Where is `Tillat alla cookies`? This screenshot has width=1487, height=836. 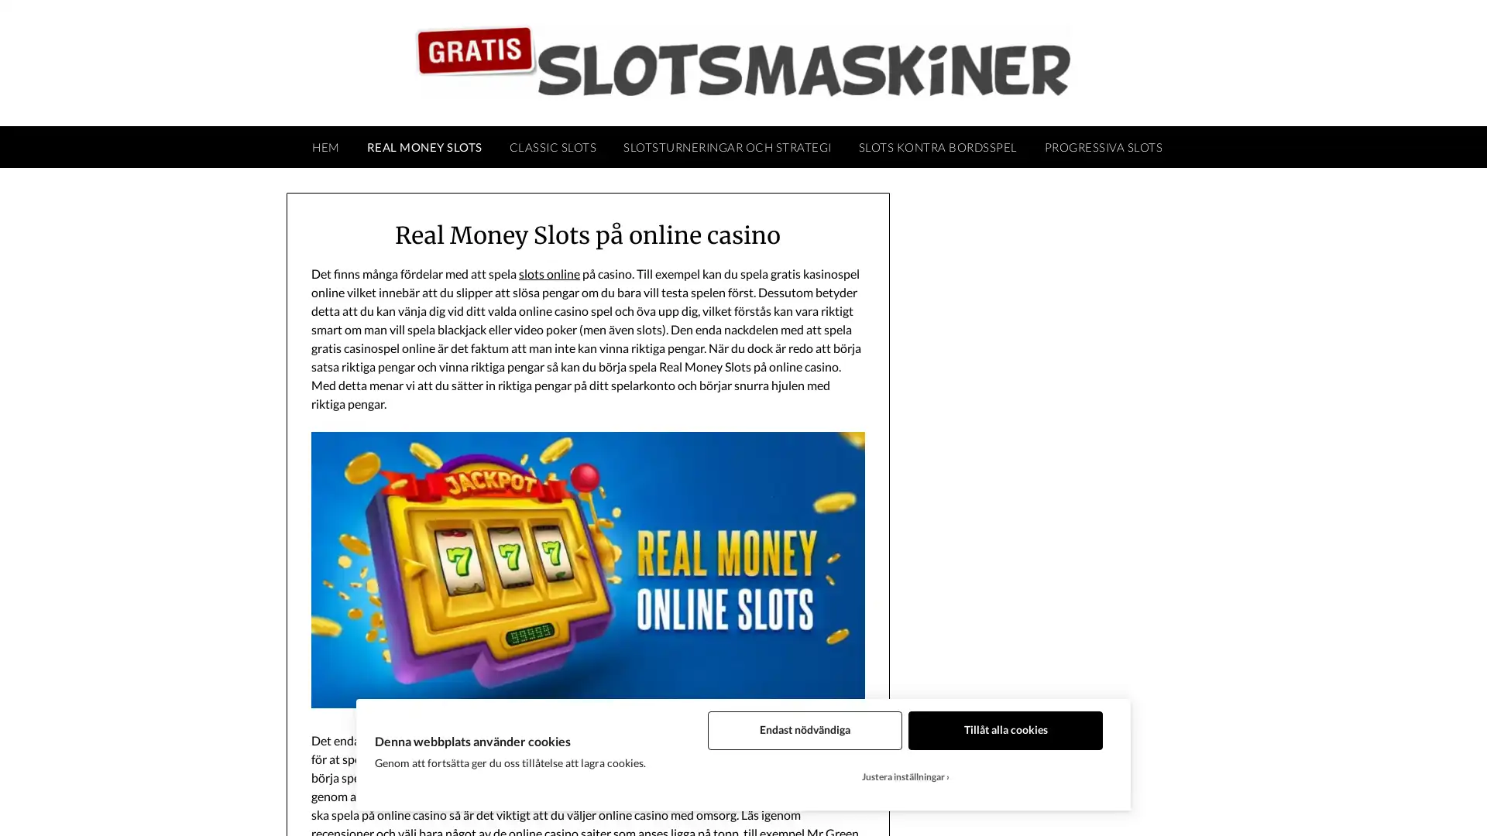
Tillat alla cookies is located at coordinates (1005, 731).